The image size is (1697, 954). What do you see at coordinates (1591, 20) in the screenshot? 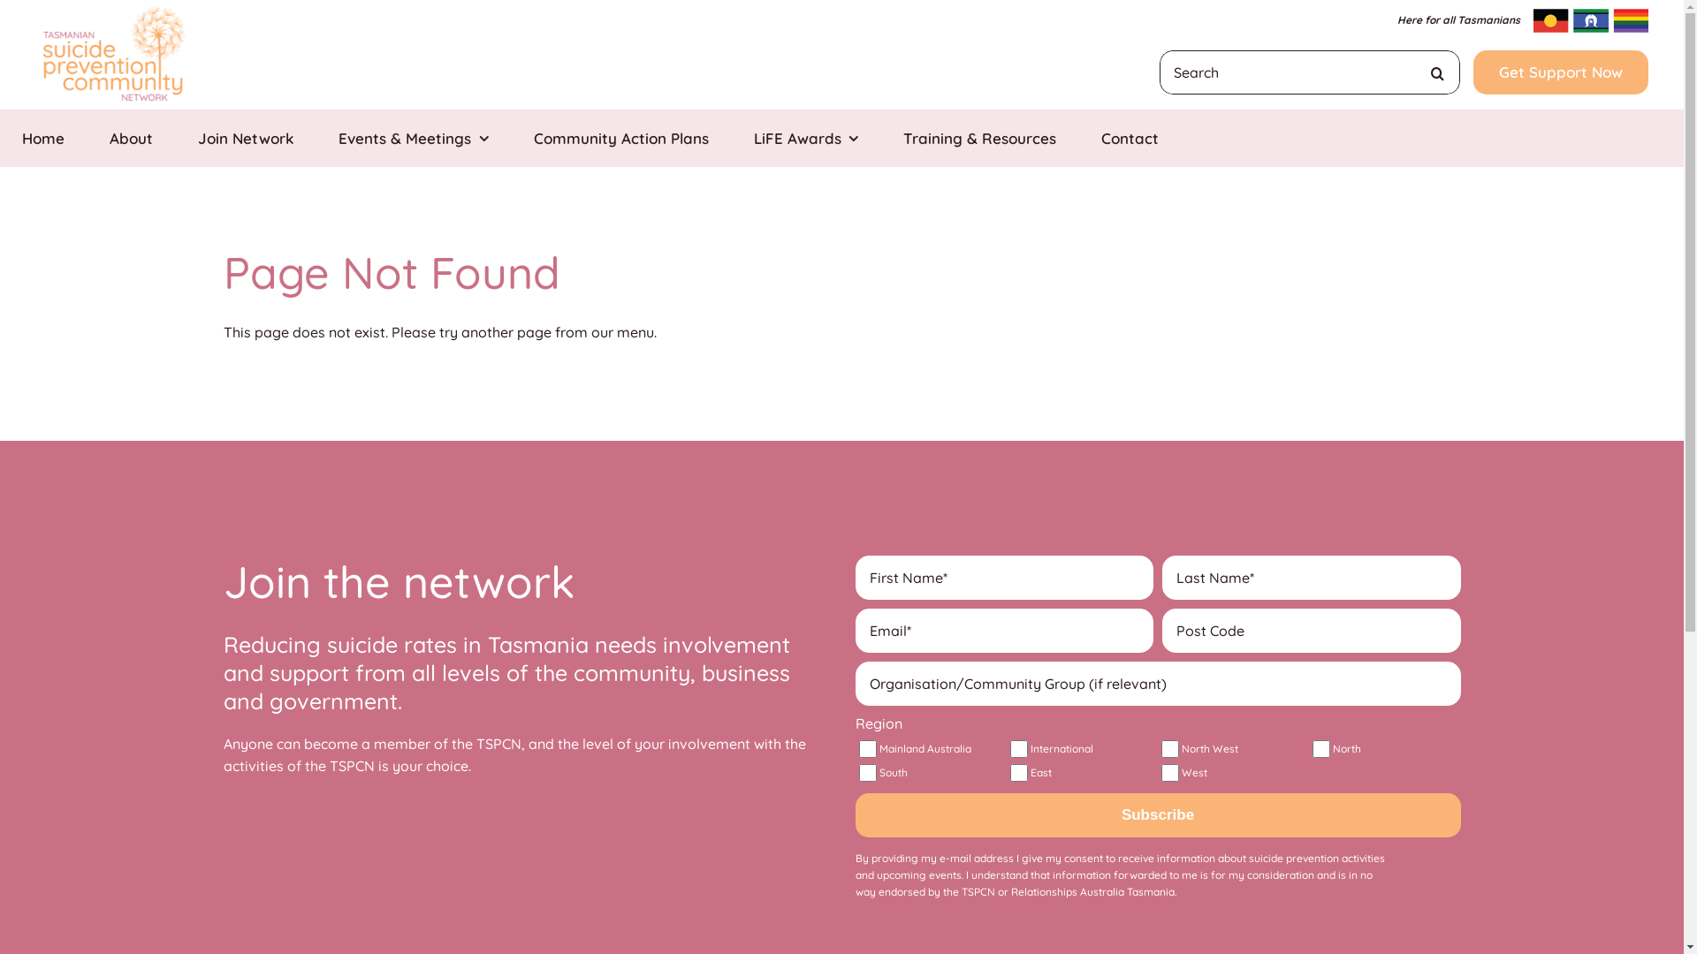
I see `'inclusive-flags'` at bounding box center [1591, 20].